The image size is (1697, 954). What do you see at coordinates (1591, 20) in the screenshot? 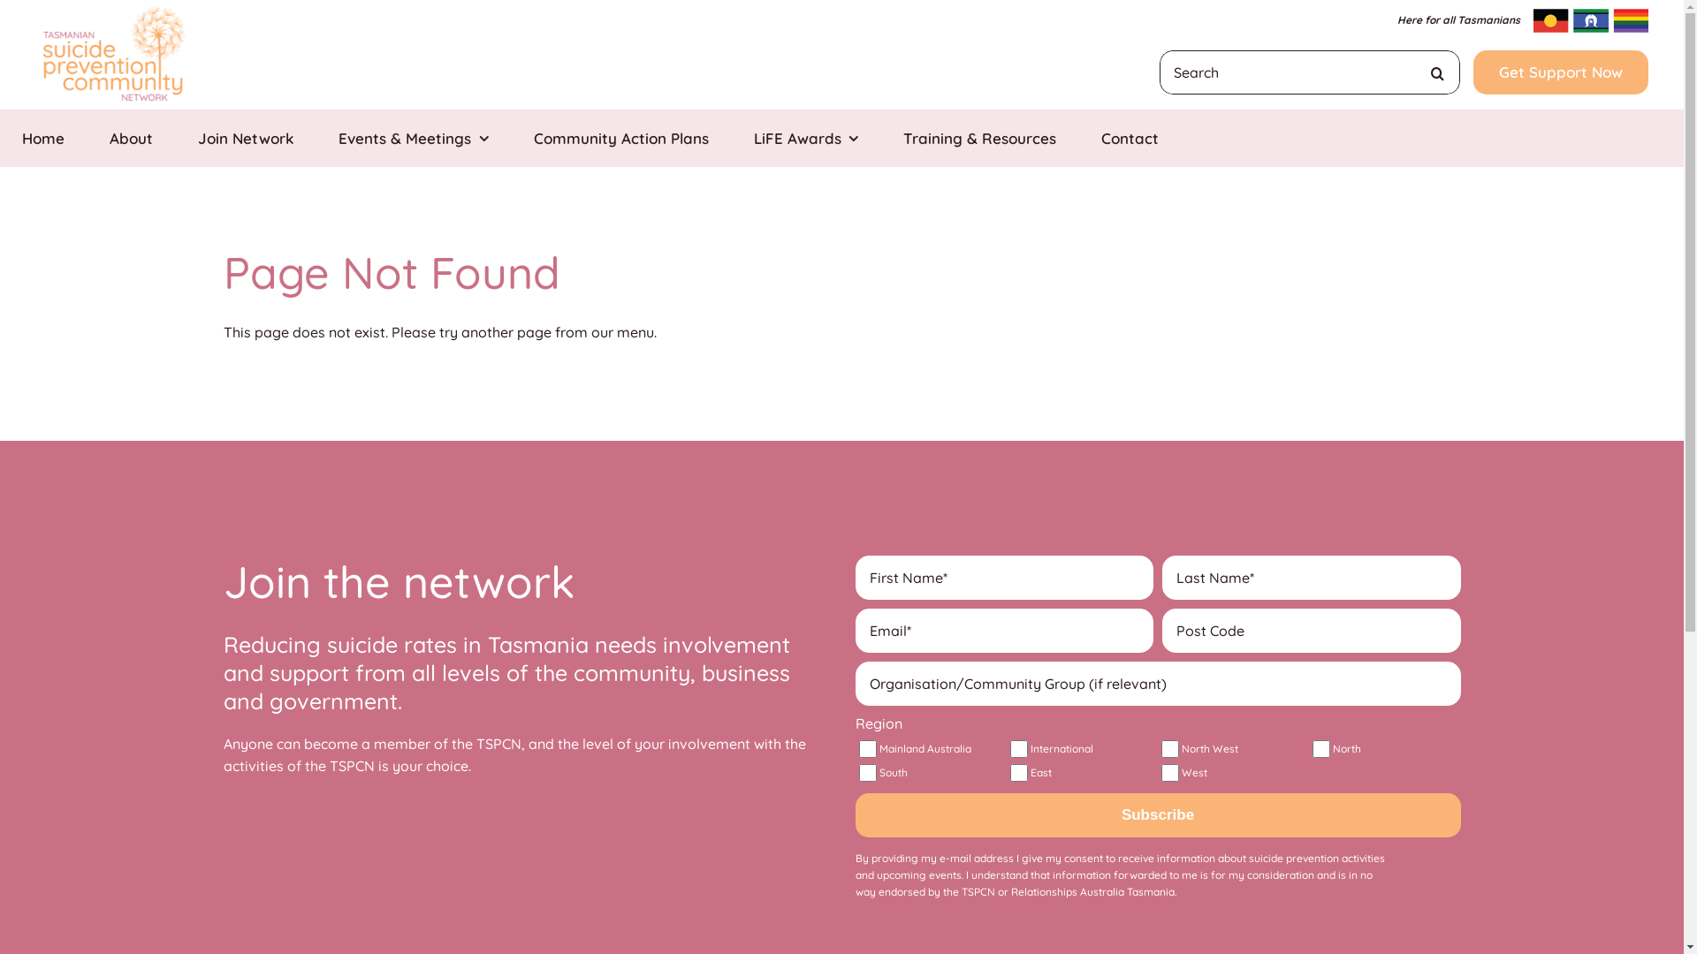
I see `'inclusive-flags'` at bounding box center [1591, 20].